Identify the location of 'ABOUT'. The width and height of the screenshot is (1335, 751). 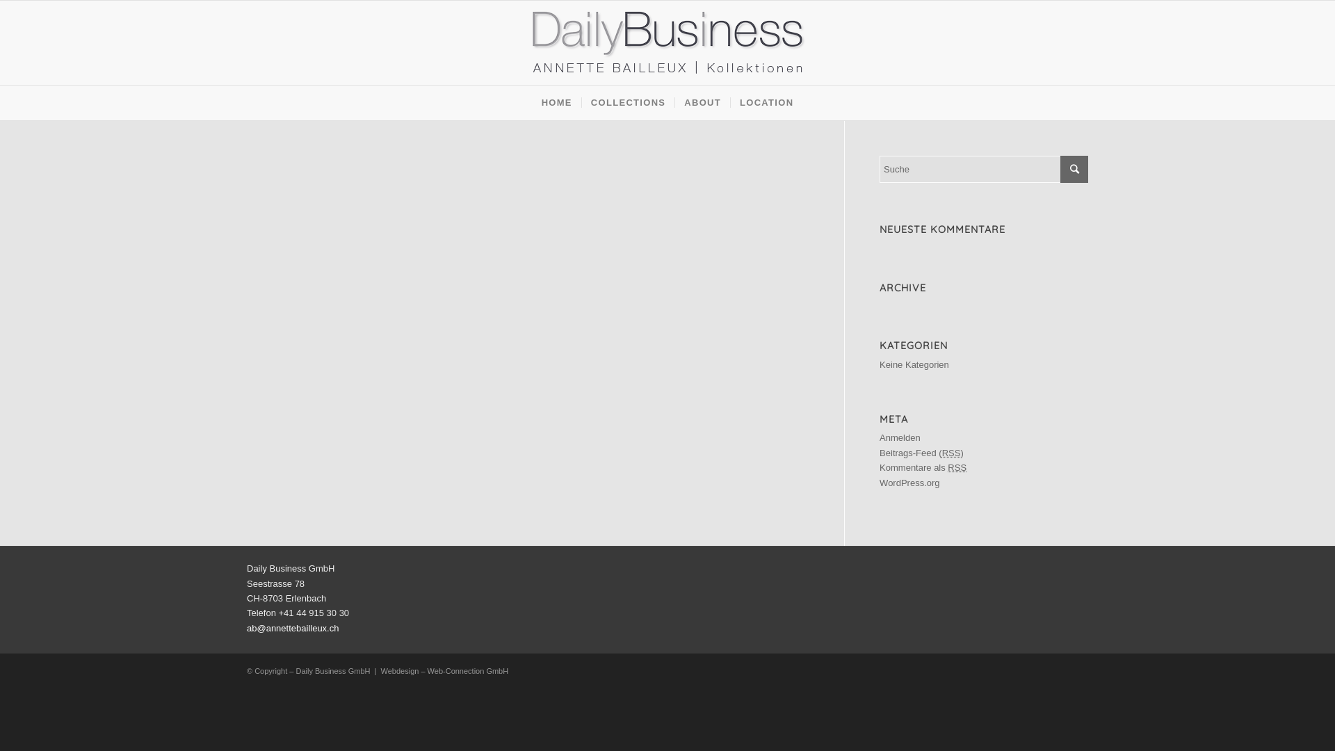
(702, 102).